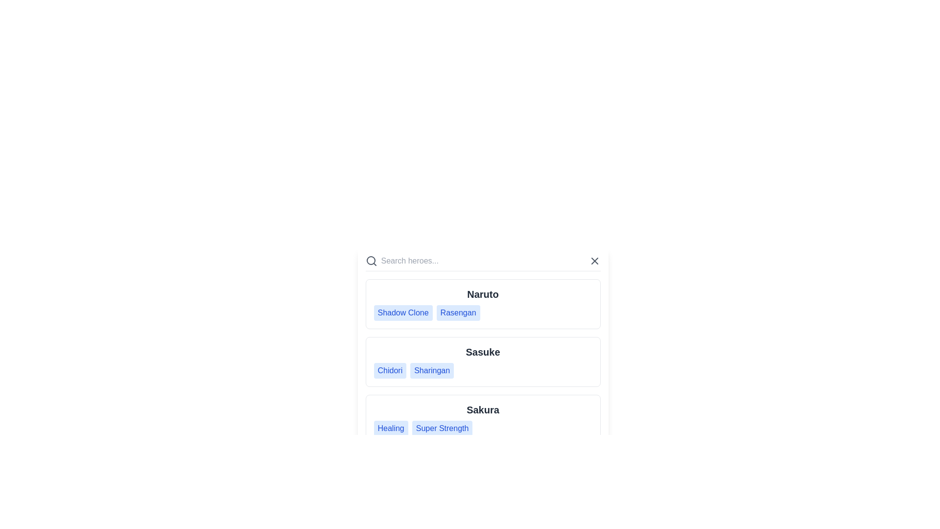 The width and height of the screenshot is (940, 529). I want to click on the text label displaying 'Sasuke' which is bold and slightly enlarged, located in the second card layout above the buttons 'Chidori' and 'Sharingan', so click(483, 351).